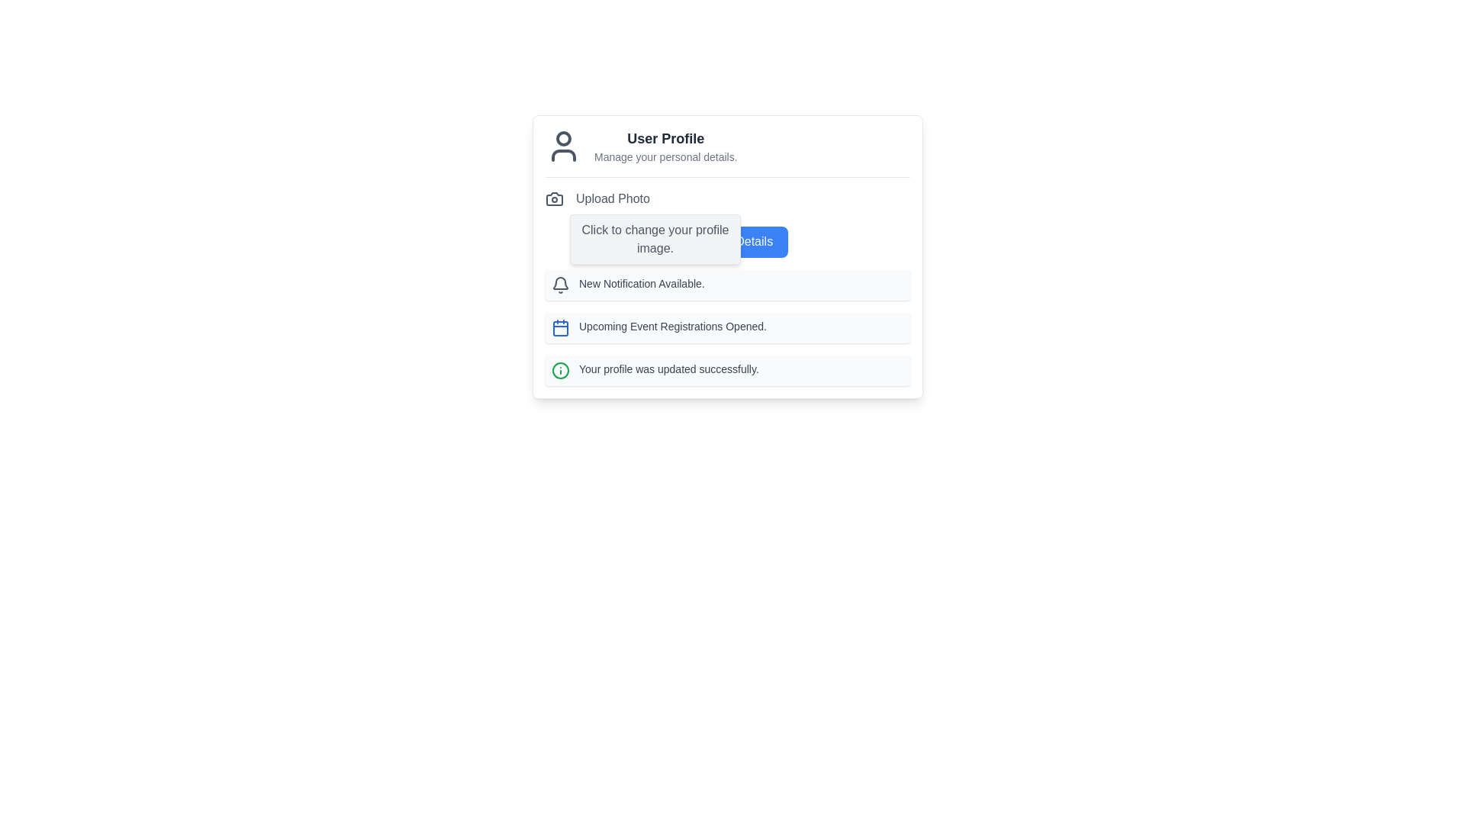 The height and width of the screenshot is (824, 1465). What do you see at coordinates (665, 138) in the screenshot?
I see `the Header Text Label indicating the user's profile information, which is positioned at the top of the content card, aligned underneath a user icon` at bounding box center [665, 138].